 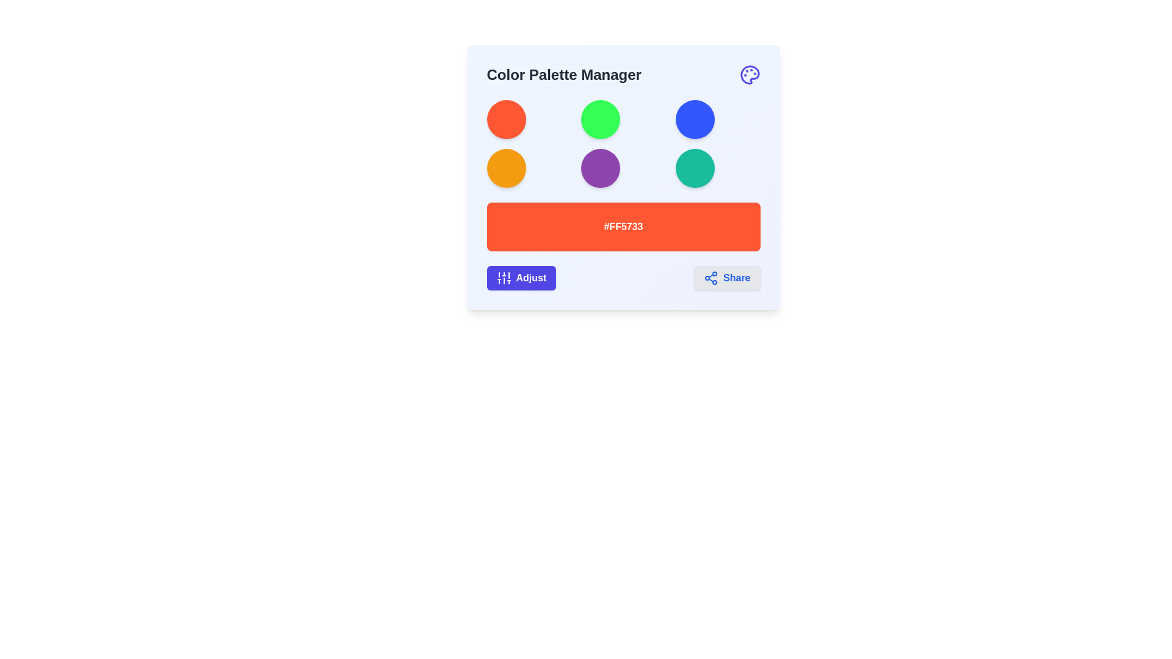 What do you see at coordinates (695, 168) in the screenshot?
I see `the interactive circle located` at bounding box center [695, 168].